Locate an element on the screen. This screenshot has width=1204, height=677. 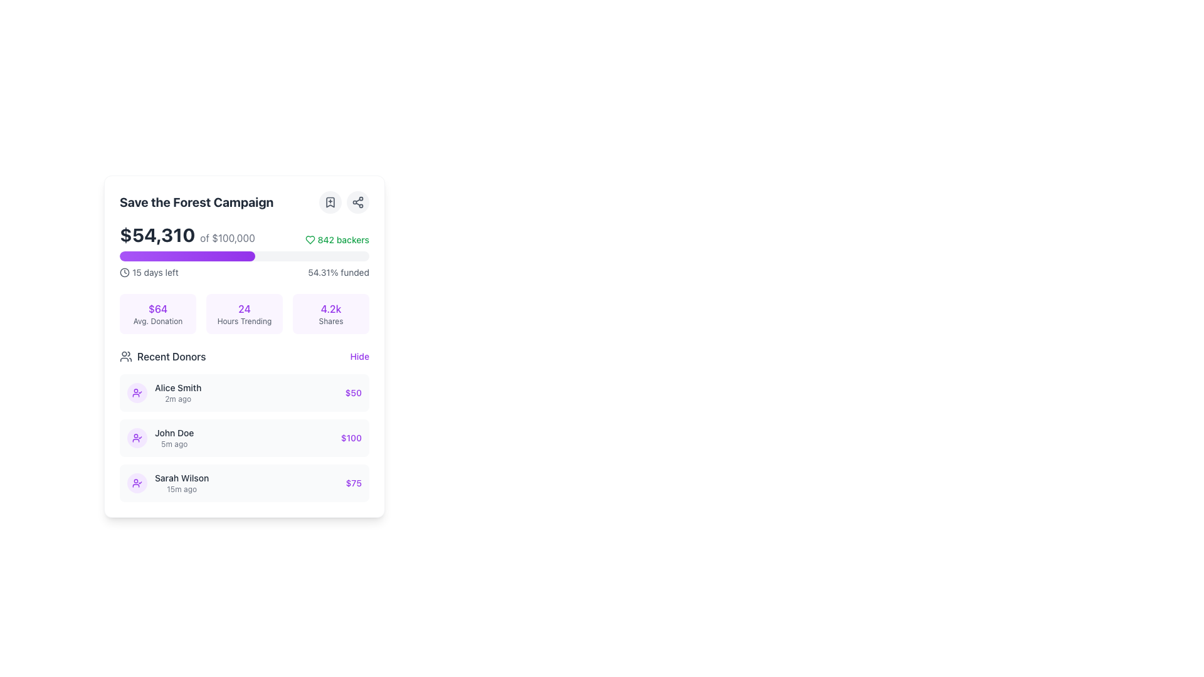
the circular clock icon that indicates a task or deadline, which is located to the left of the text '15 days left' is located at coordinates (124, 272).